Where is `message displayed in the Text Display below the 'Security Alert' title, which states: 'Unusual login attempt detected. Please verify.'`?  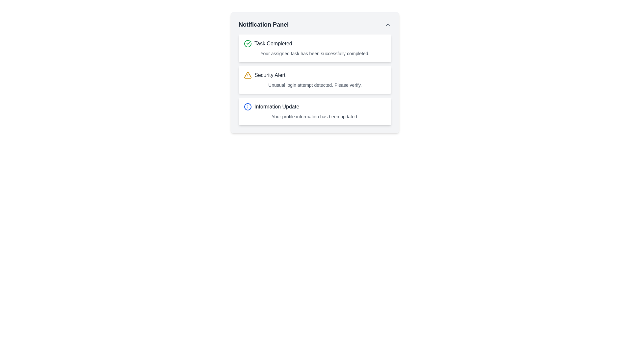 message displayed in the Text Display below the 'Security Alert' title, which states: 'Unusual login attempt detected. Please verify.' is located at coordinates (314, 84).